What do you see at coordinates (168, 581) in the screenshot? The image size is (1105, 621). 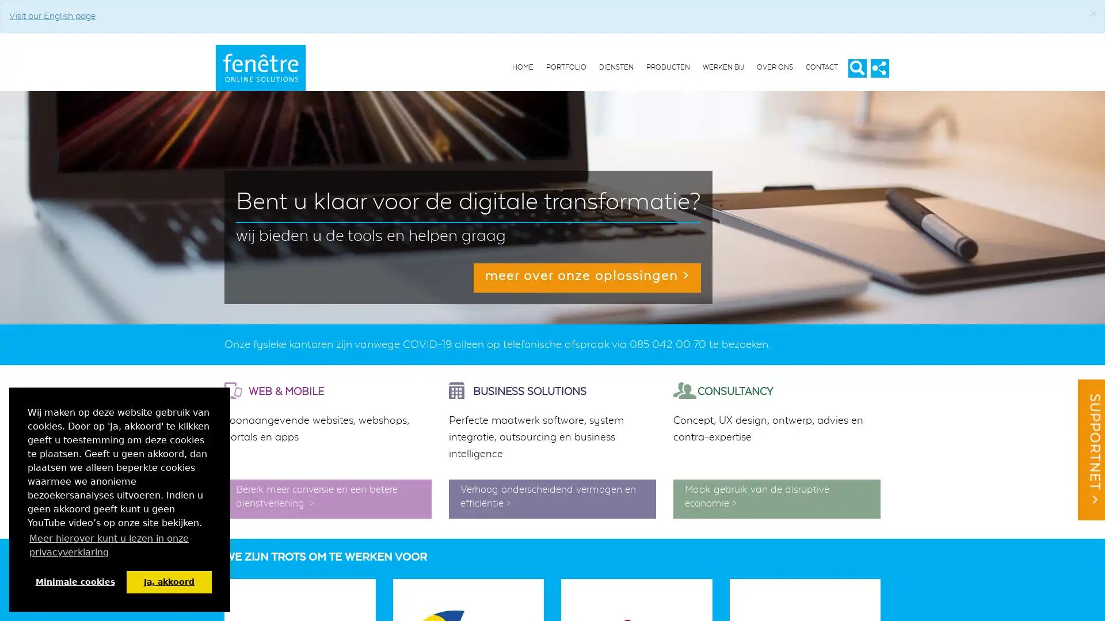 I see `allow cookies` at bounding box center [168, 581].